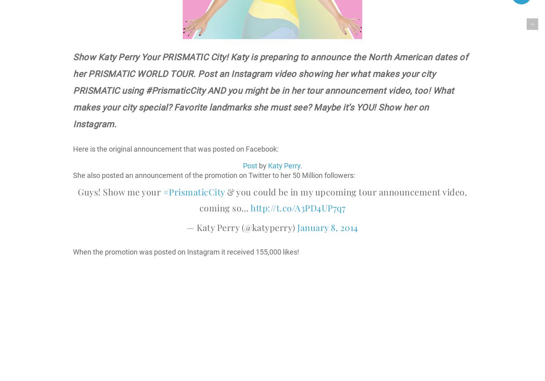 Image resolution: width=545 pixels, height=381 pixels. What do you see at coordinates (186, 252) in the screenshot?
I see `'When the promotion was posted on Instagram it received 155,000 likes!'` at bounding box center [186, 252].